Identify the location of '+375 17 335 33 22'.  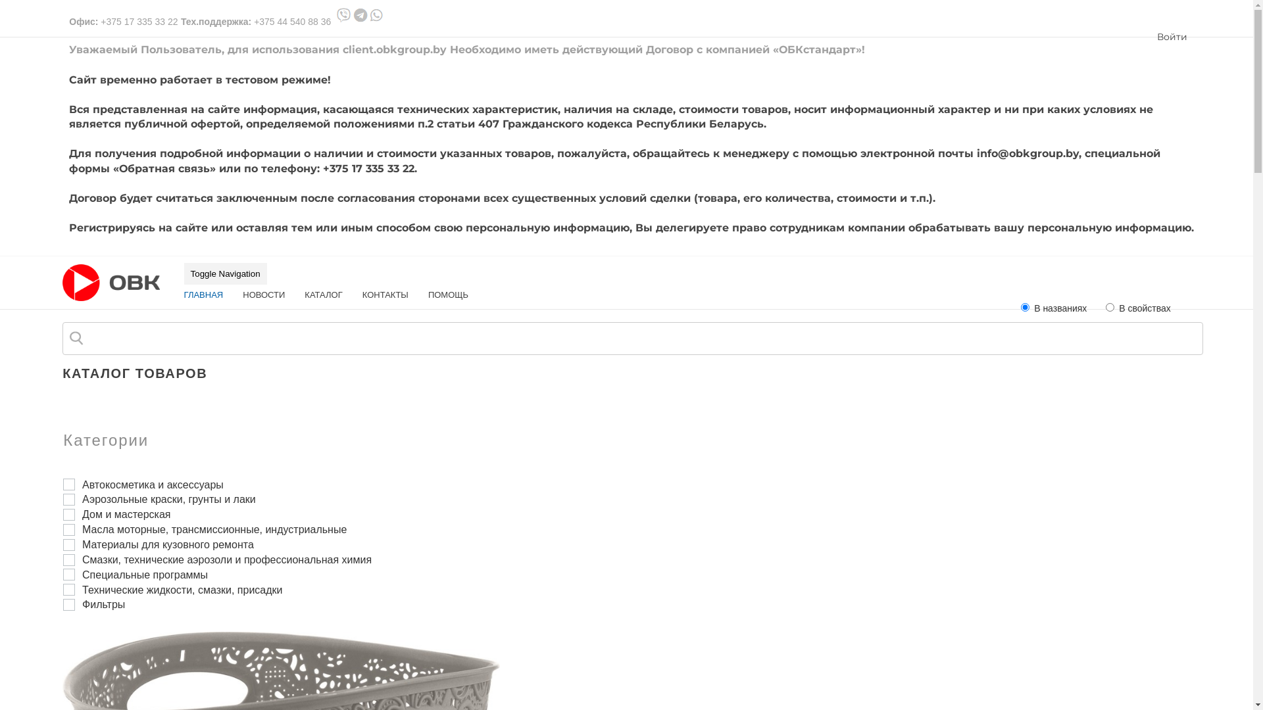
(139, 22).